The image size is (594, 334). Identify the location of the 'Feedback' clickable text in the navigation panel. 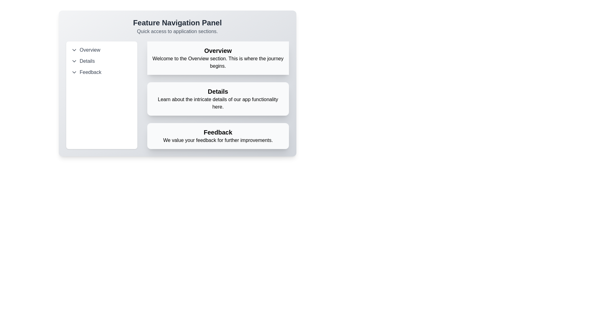
(101, 72).